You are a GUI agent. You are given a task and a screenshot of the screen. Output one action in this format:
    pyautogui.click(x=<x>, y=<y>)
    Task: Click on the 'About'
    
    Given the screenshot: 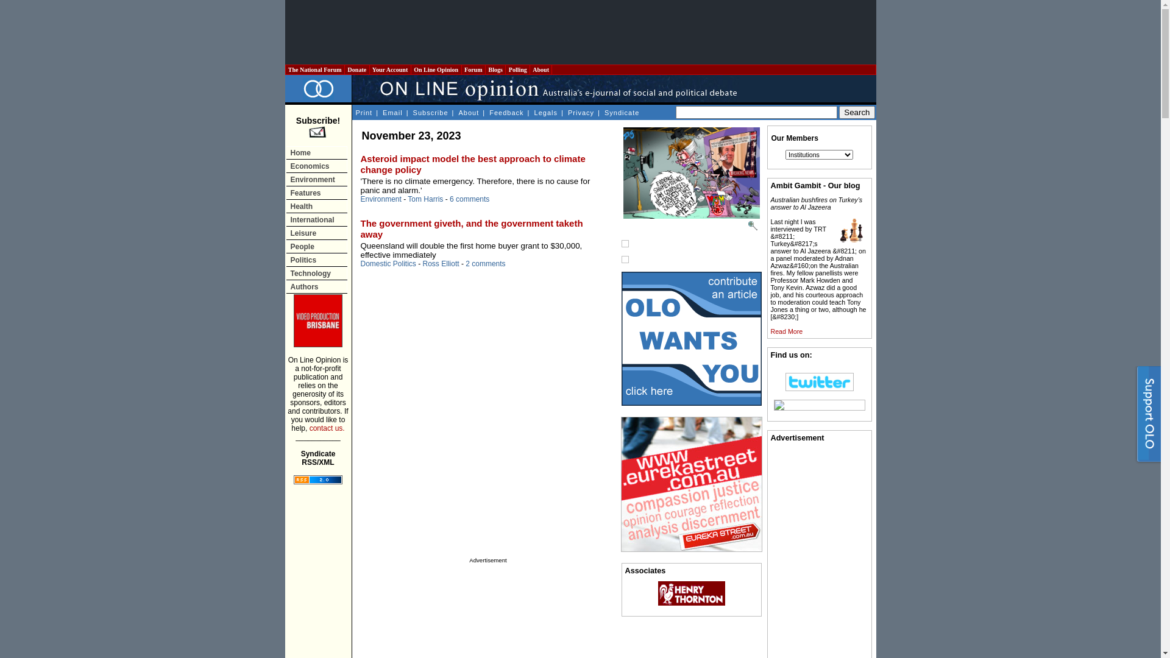 What is the action you would take?
    pyautogui.click(x=468, y=112)
    